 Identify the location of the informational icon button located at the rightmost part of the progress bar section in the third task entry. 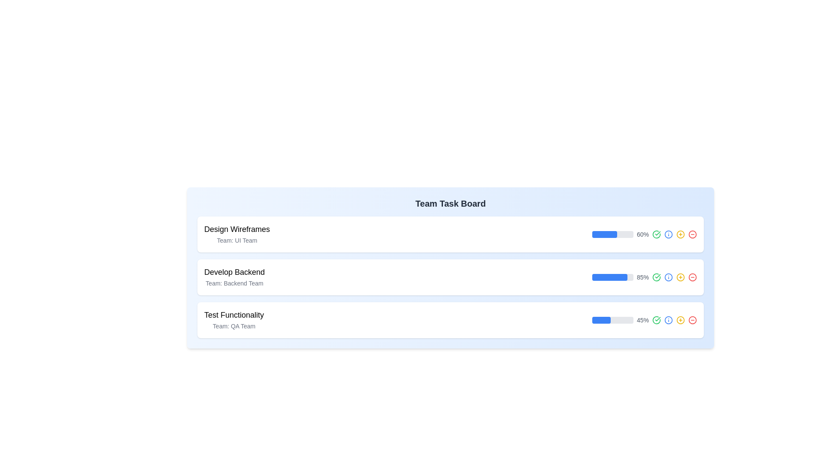
(668, 320).